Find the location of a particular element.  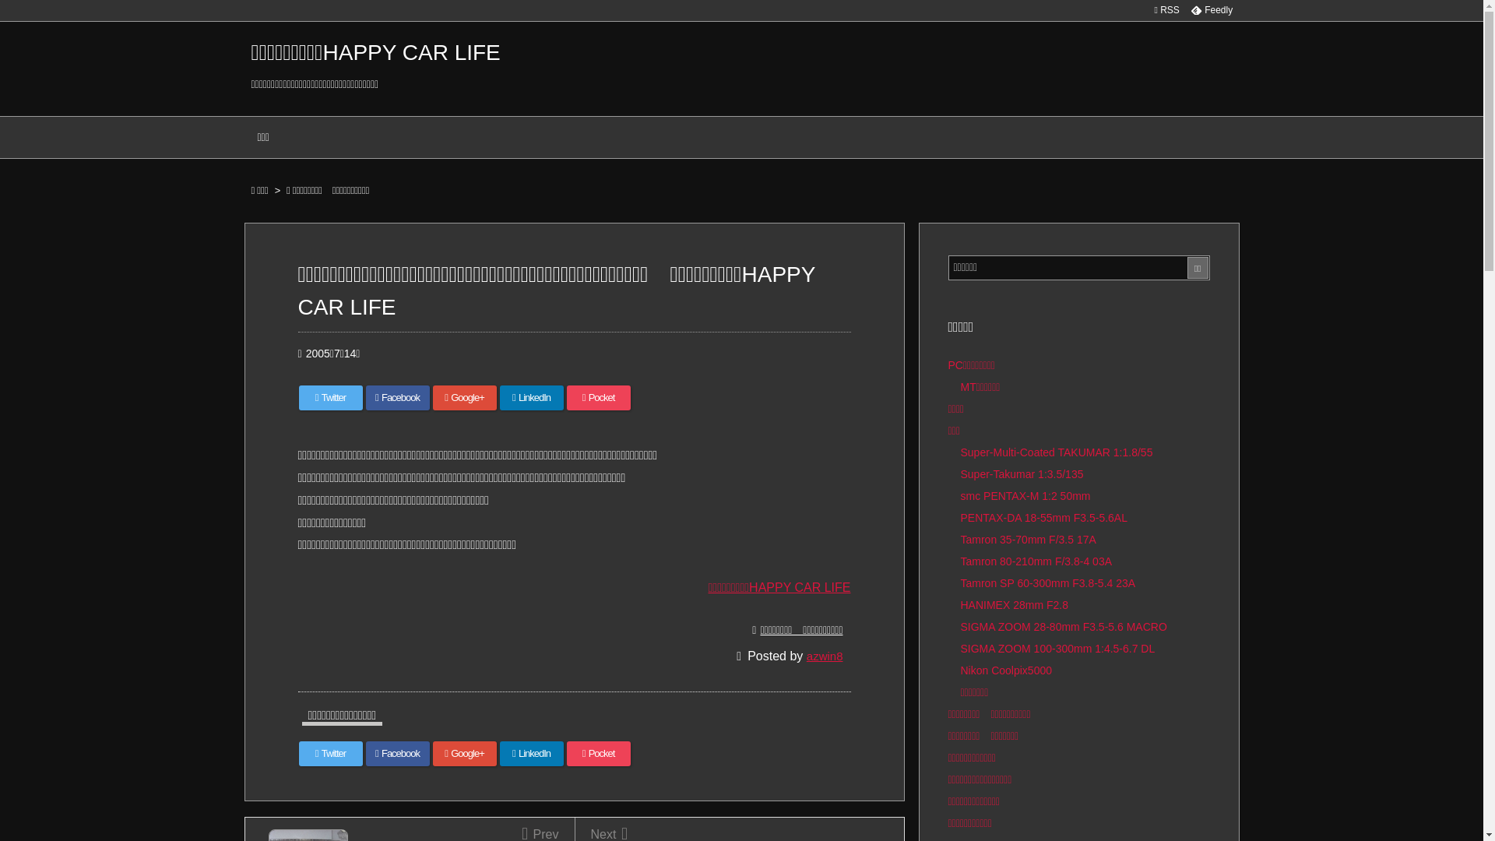

' Pocket' is located at coordinates (597, 753).